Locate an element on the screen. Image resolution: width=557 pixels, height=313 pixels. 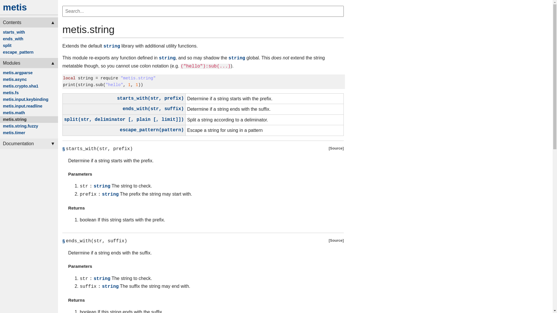
'metis.input.readline' is located at coordinates (29, 106).